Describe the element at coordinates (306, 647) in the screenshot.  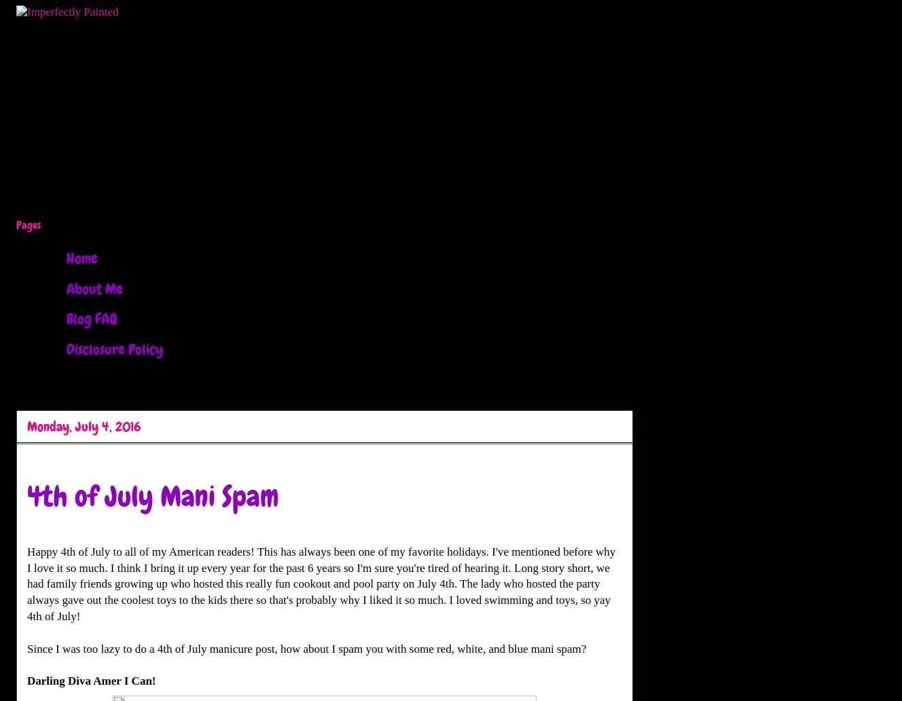
I see `'Since I was too lazy to do a 4th of July manicure post, how about I spam you with some red, white, and blue mani spam?'` at that location.